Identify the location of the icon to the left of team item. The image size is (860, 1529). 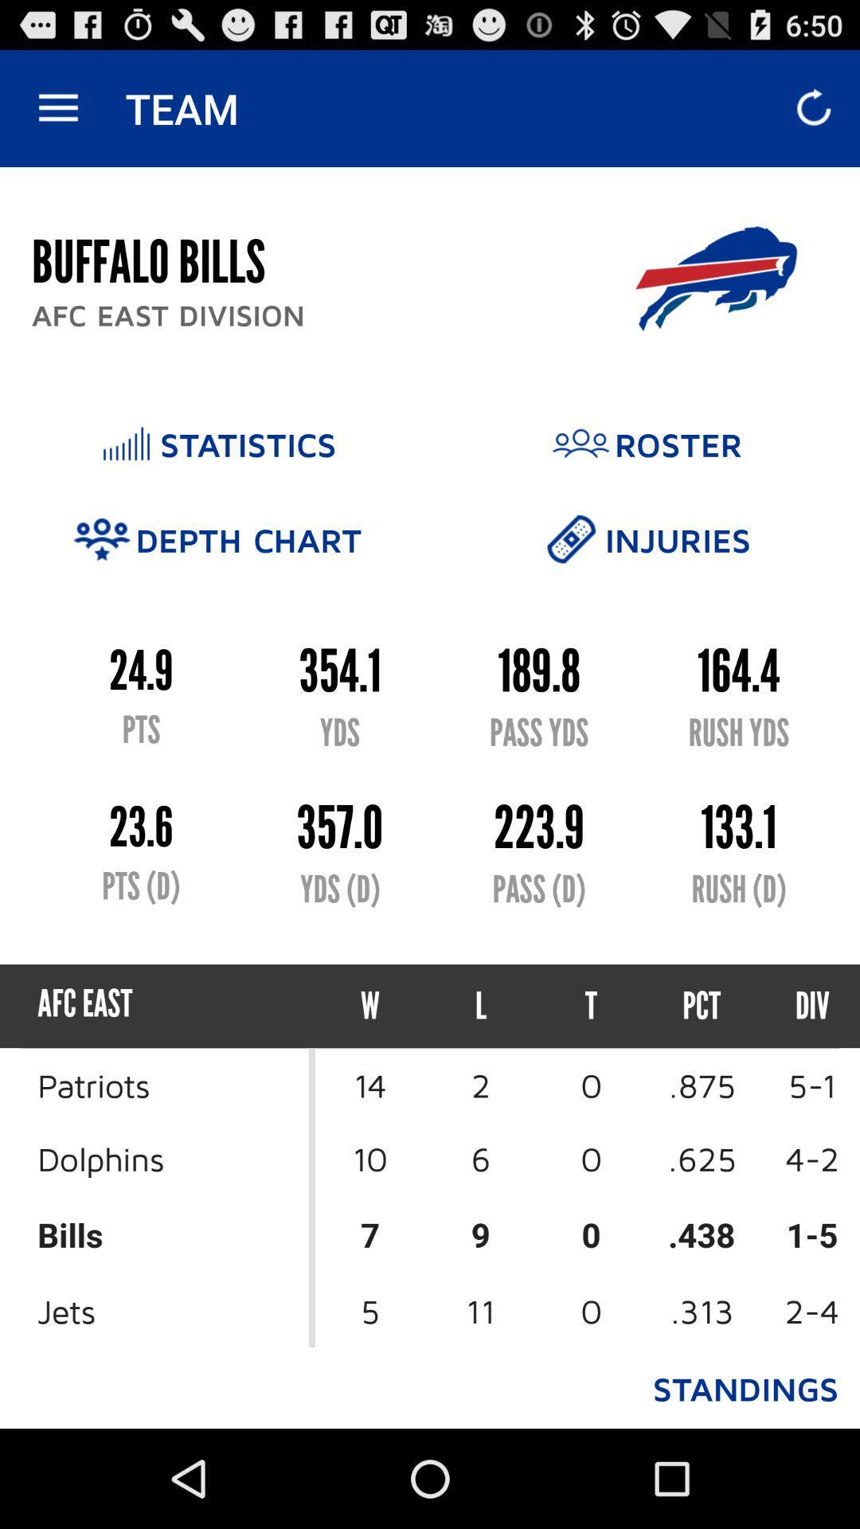
(57, 108).